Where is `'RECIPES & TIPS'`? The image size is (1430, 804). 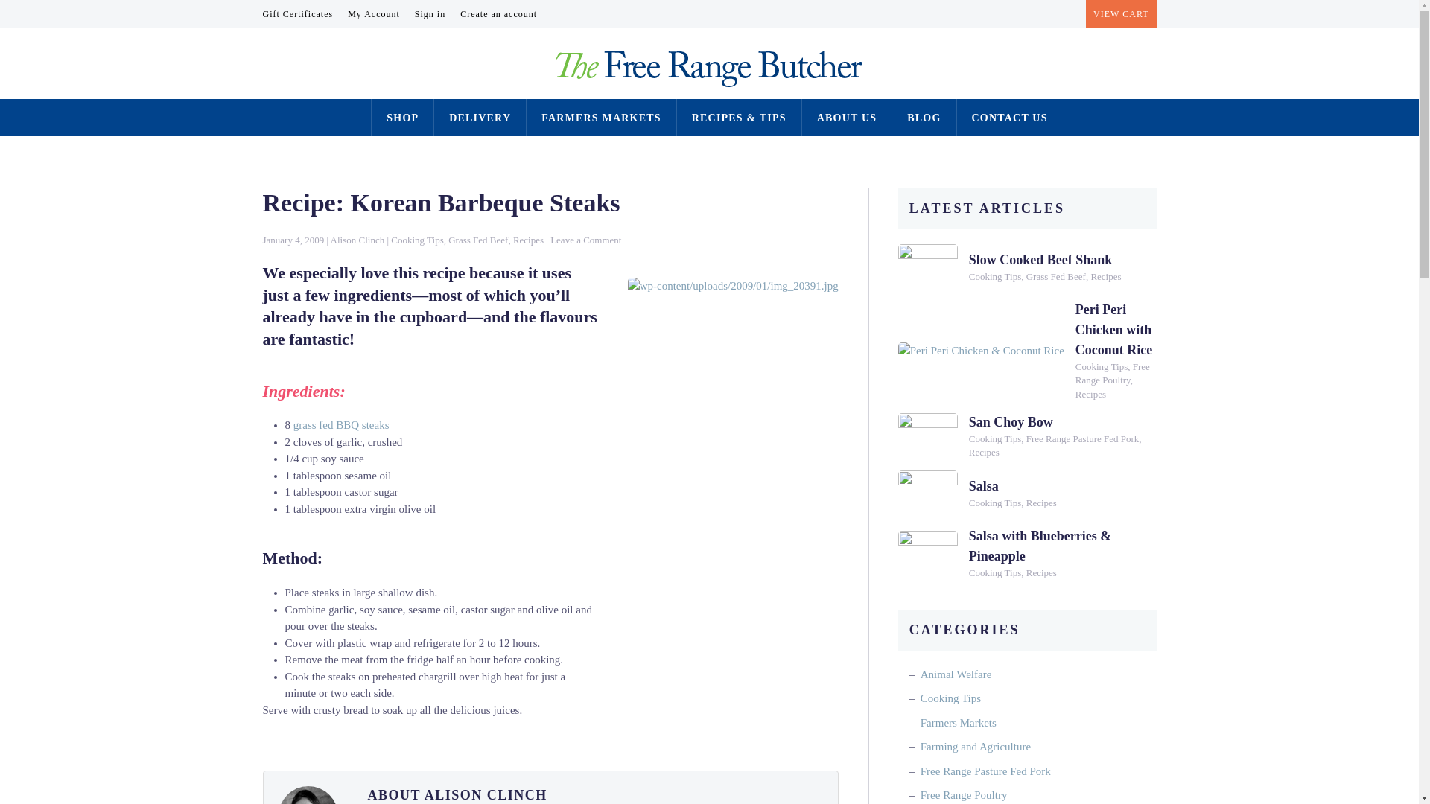 'RECIPES & TIPS' is located at coordinates (739, 117).